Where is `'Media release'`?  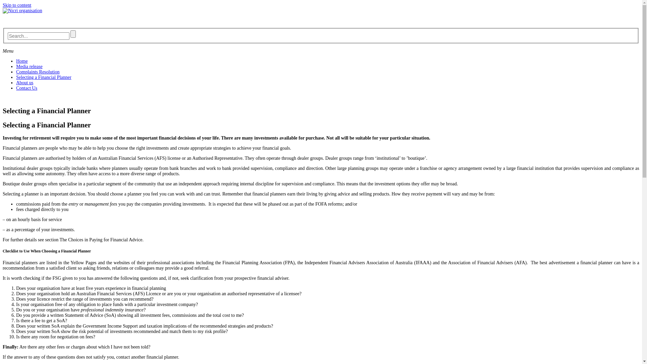
'Media release' is located at coordinates (16, 66).